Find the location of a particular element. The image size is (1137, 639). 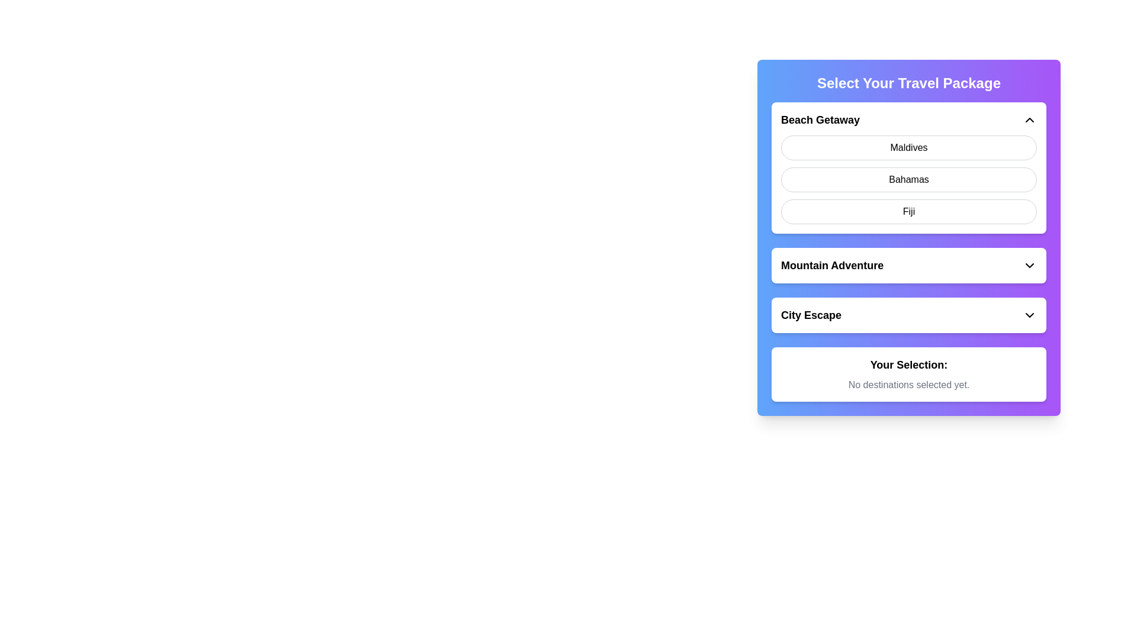

the 'City Escape' text label in the dropdown under 'Mountain Adventure' within the 'Select Your Travel Package' section is located at coordinates (811, 314).